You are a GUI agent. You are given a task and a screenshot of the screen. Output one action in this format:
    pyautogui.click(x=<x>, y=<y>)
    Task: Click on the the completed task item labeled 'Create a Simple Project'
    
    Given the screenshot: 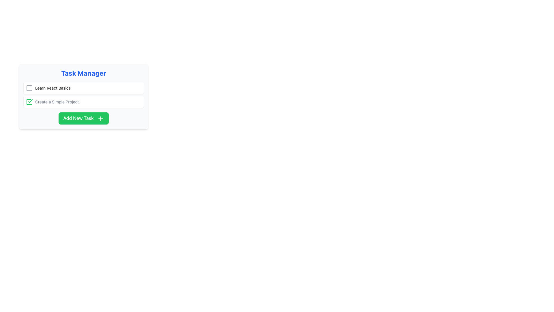 What is the action you would take?
    pyautogui.click(x=83, y=102)
    